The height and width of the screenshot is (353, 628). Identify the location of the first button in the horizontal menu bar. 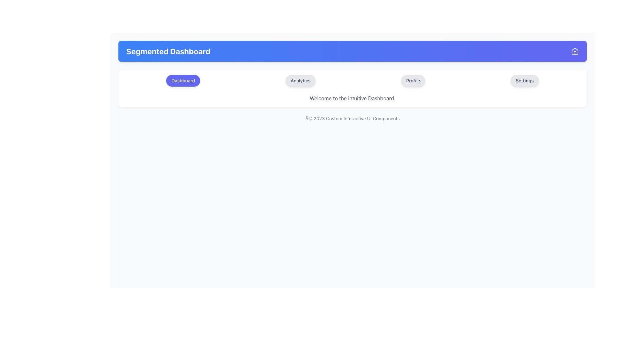
(183, 80).